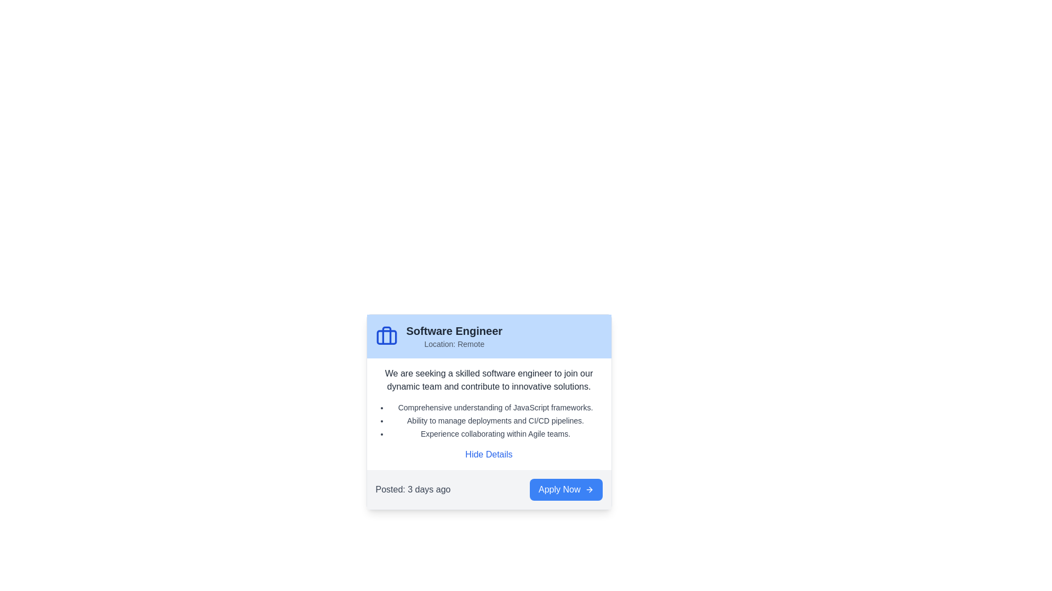 The image size is (1052, 591). What do you see at coordinates (488, 335) in the screenshot?
I see `header section displaying the job title 'Software Engineer' and its location 'Remote' in the card layout` at bounding box center [488, 335].